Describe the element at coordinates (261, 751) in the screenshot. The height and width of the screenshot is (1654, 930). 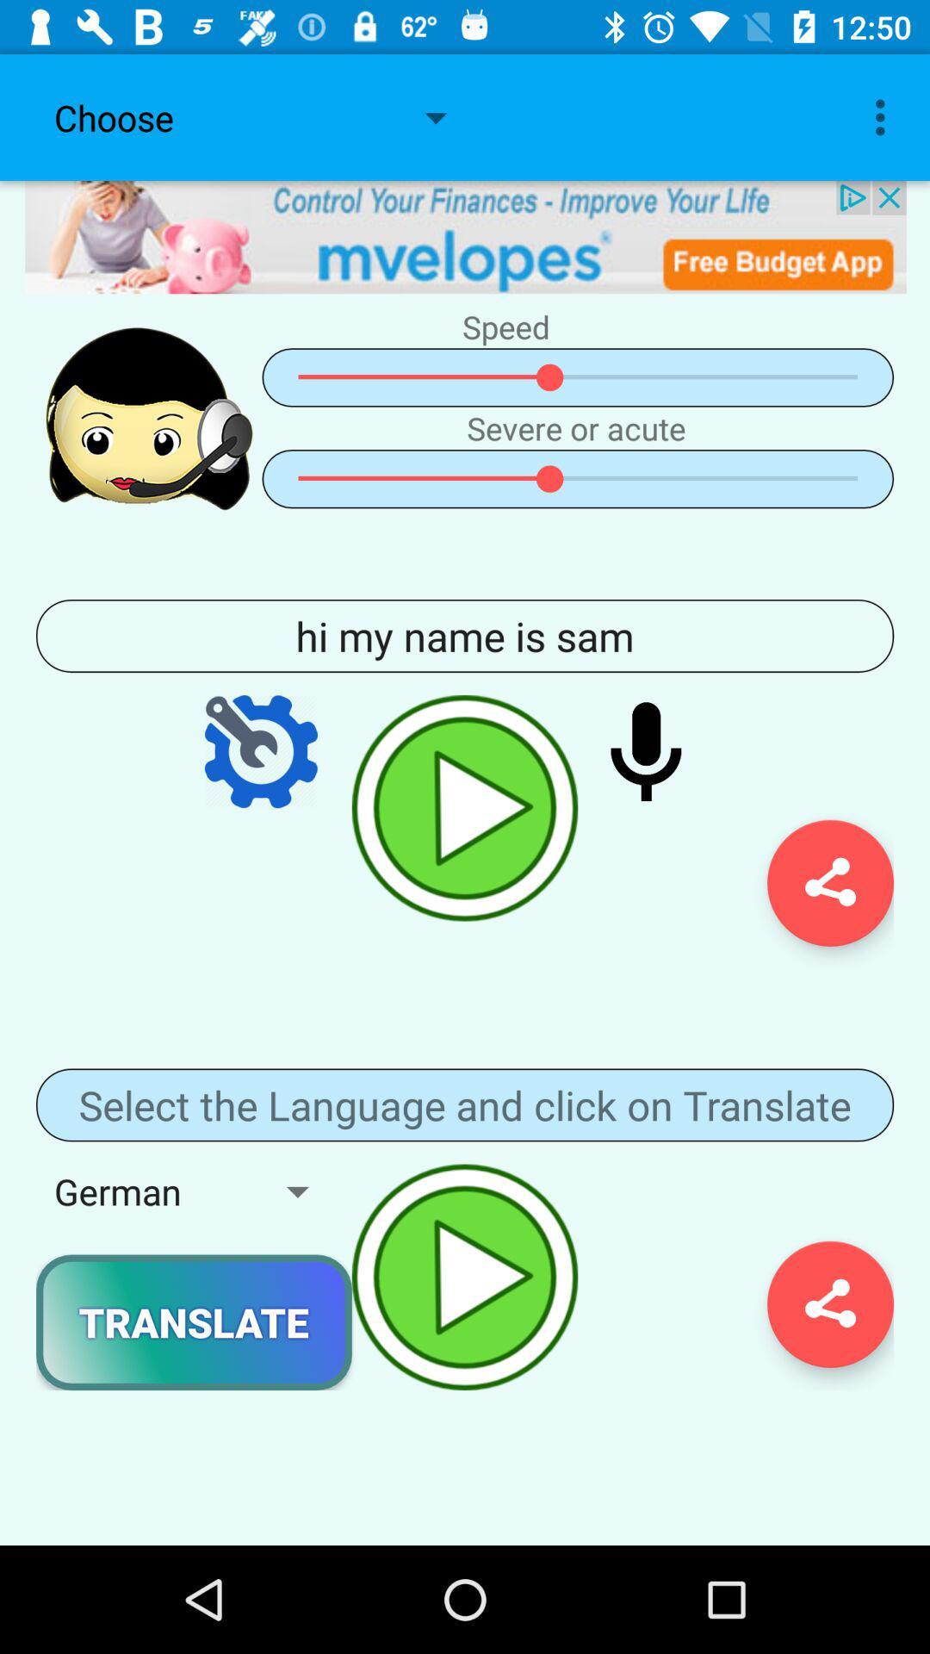
I see `setting option turned on` at that location.